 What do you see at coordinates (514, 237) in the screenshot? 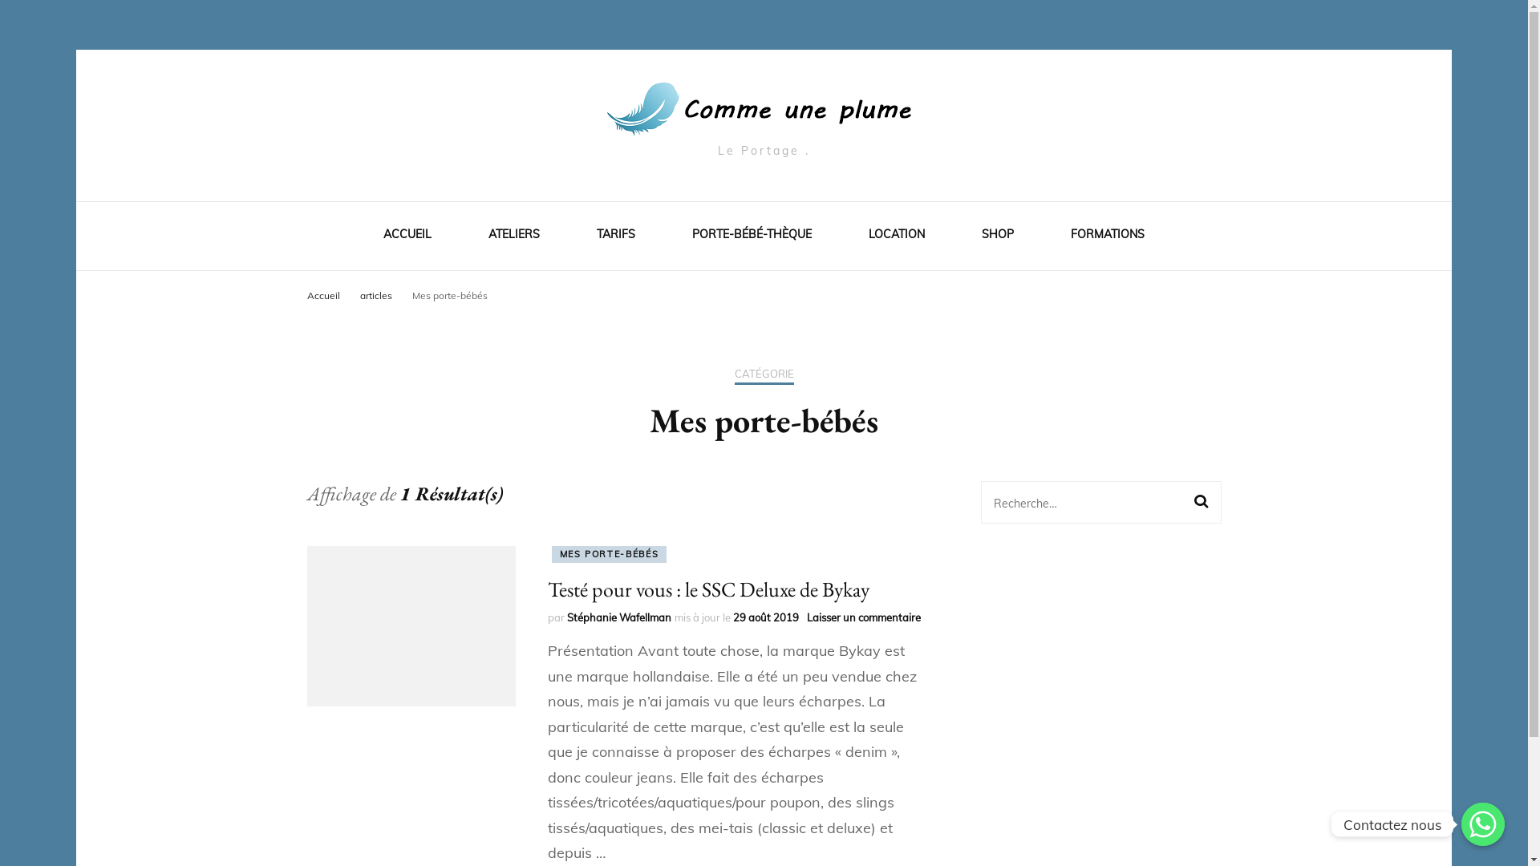
I see `'ATELIERS'` at bounding box center [514, 237].